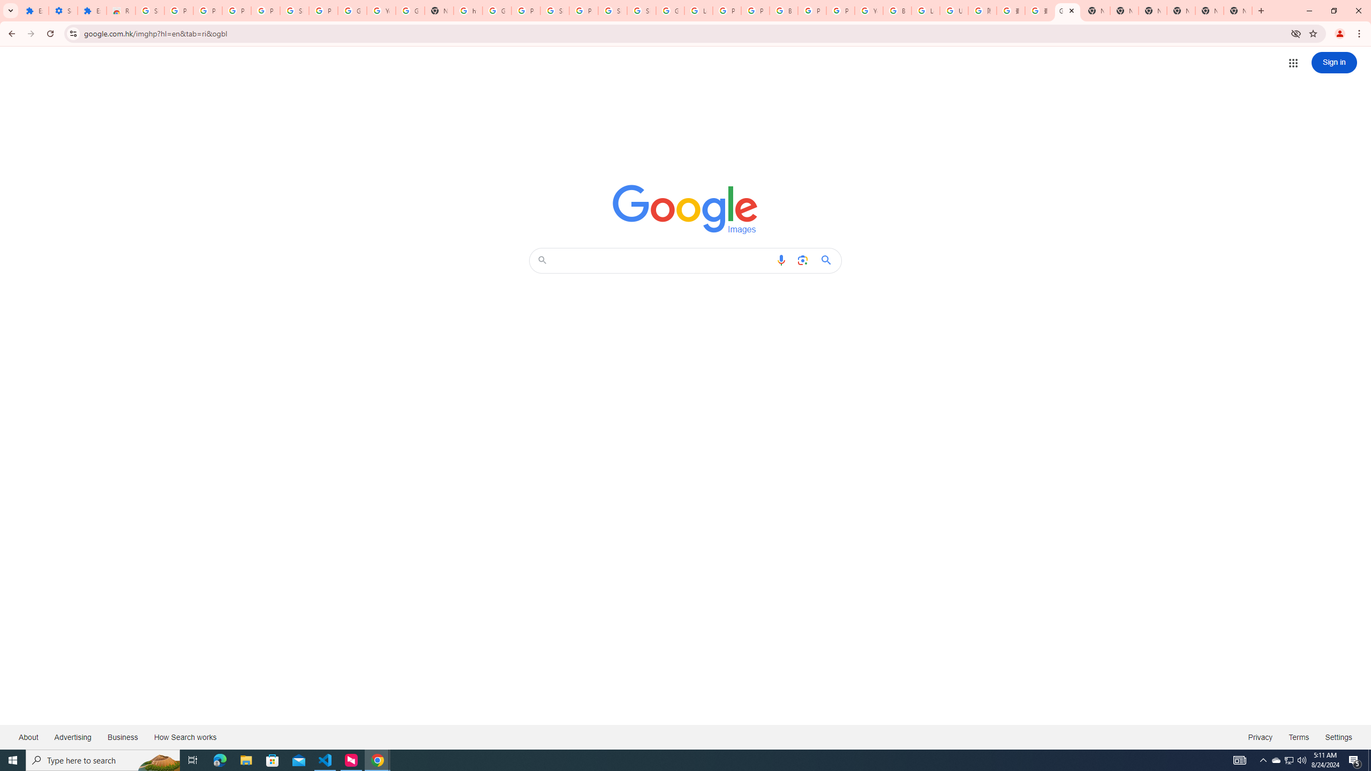 The width and height of the screenshot is (1371, 771). I want to click on 'Privacy Help Center - Policies Help', so click(726, 10).